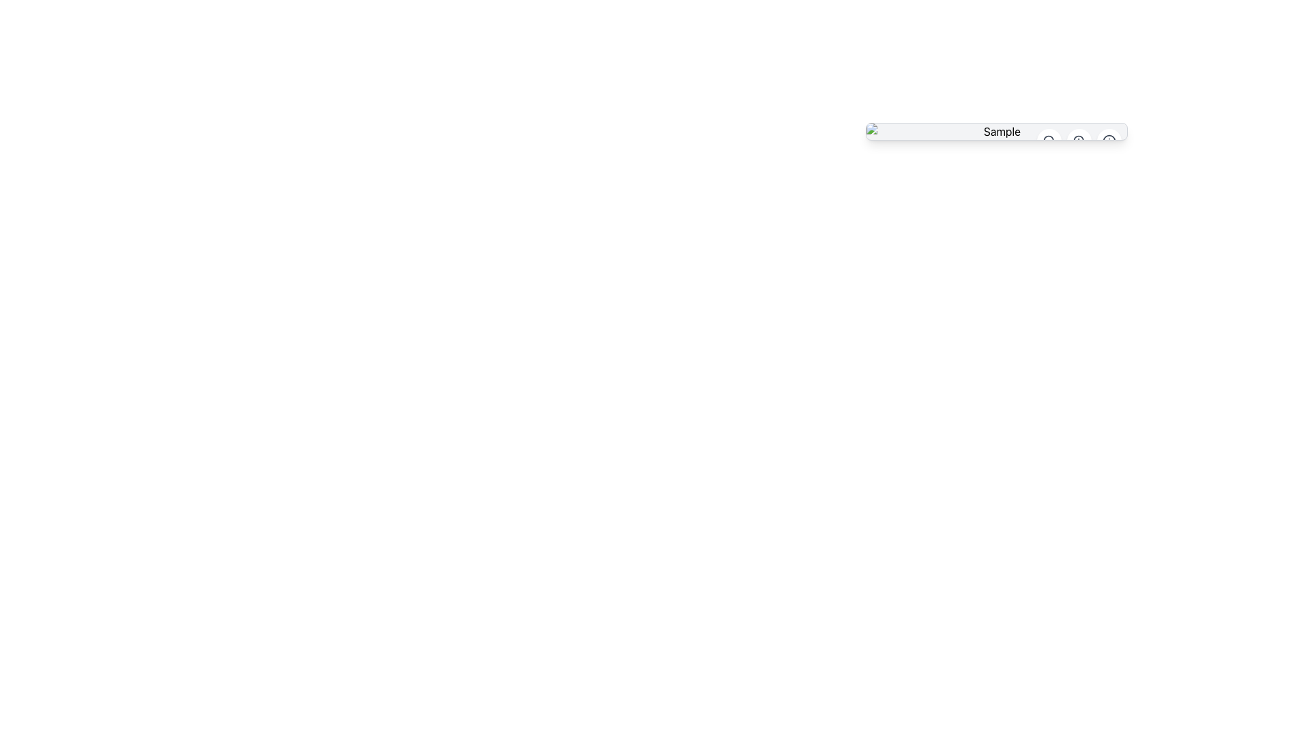 The width and height of the screenshot is (1310, 737). What do you see at coordinates (1109, 141) in the screenshot?
I see `the informational help button located at the top-right of the interface, which is the third button in a horizontal group of similar buttons` at bounding box center [1109, 141].